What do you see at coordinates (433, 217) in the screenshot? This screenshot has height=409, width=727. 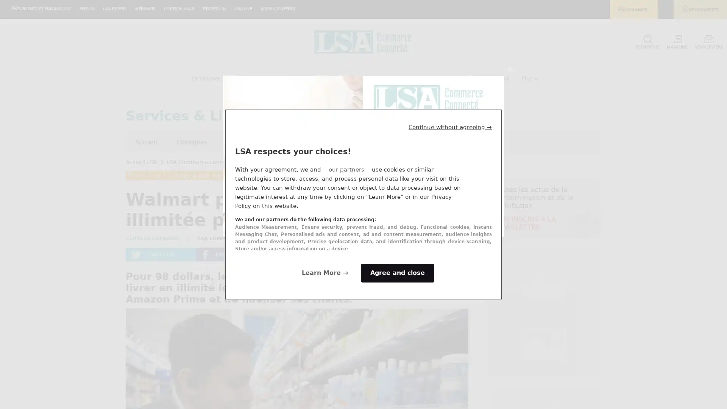 I see `S'inscrire gratuitement` at bounding box center [433, 217].